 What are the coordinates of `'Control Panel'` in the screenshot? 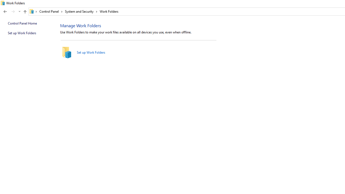 It's located at (51, 11).